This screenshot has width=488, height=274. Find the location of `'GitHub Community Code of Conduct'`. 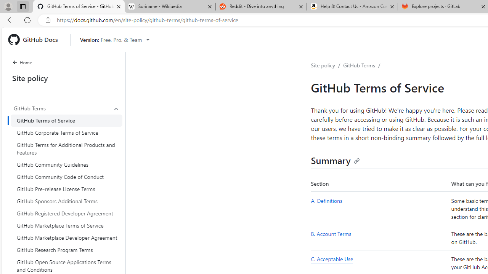

'GitHub Community Code of Conduct' is located at coordinates (66, 177).